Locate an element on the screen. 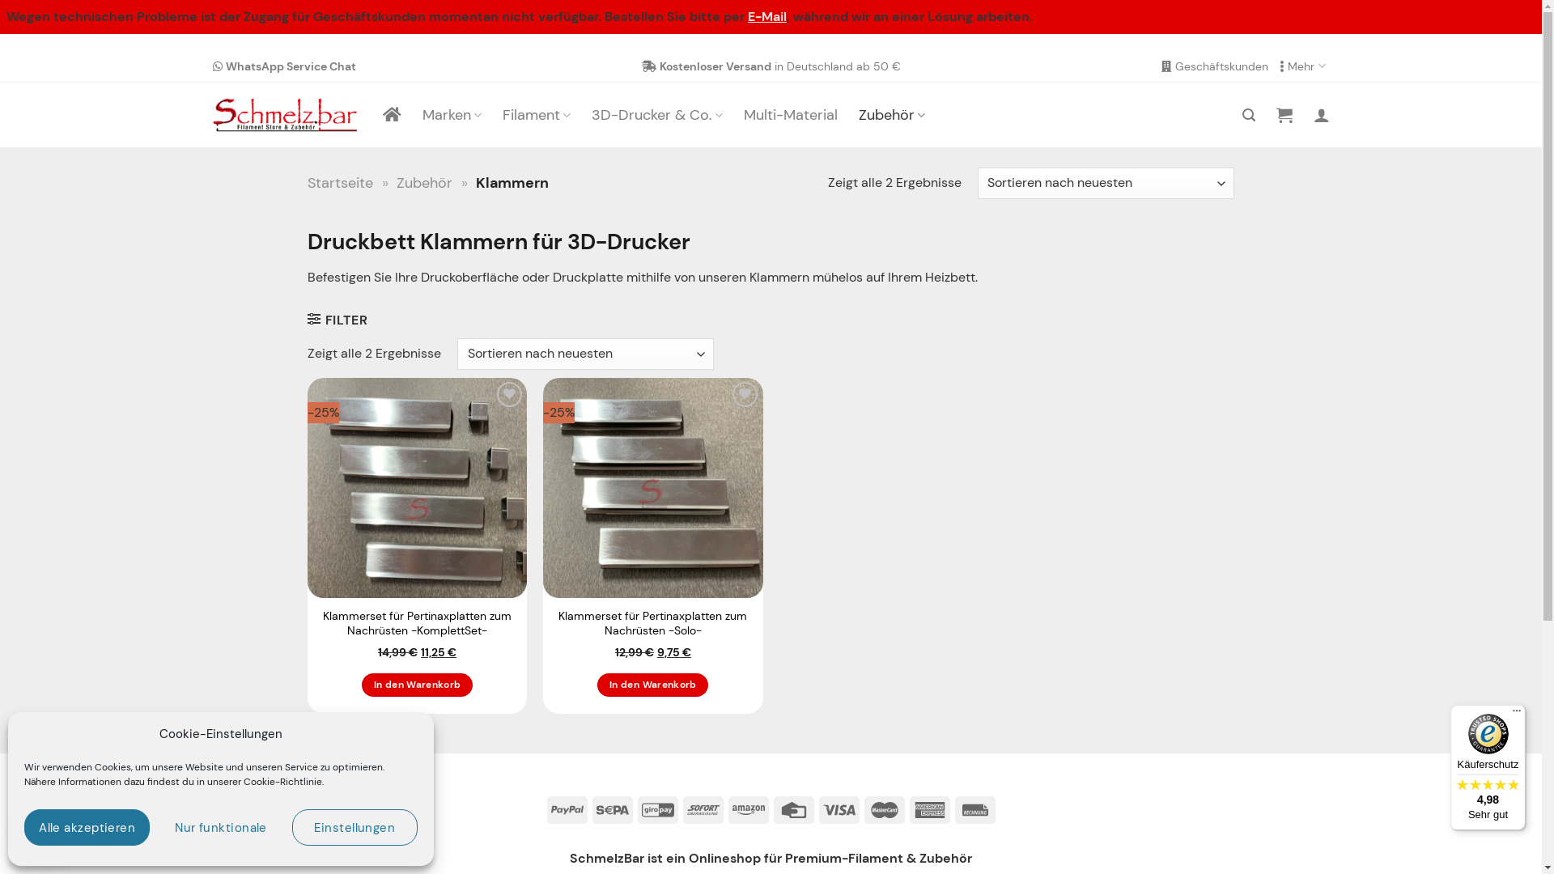  'Marken' is located at coordinates (422, 114).